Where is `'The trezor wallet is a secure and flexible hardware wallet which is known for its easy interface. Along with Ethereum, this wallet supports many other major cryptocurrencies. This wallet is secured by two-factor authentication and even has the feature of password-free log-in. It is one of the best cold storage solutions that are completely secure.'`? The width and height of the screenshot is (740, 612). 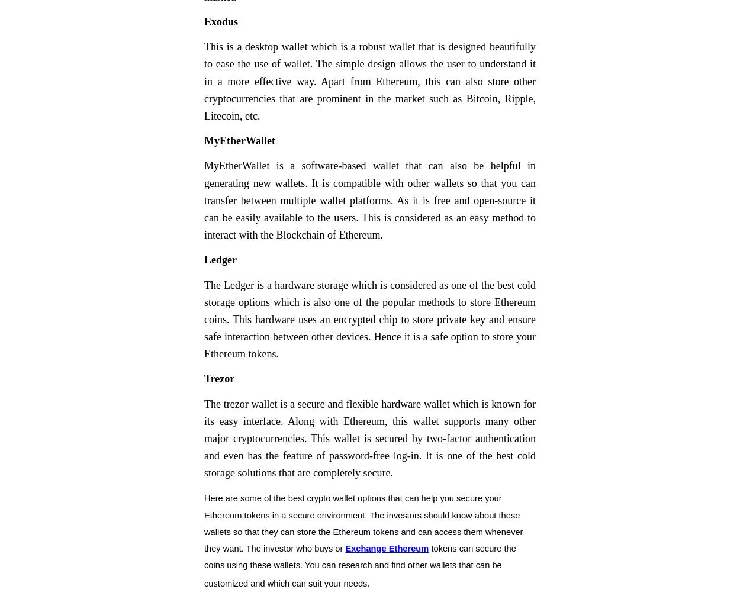 'The trezor wallet is a secure and flexible hardware wallet which is known for its easy interface. Along with Ethereum, this wallet supports many other major cryptocurrencies. This wallet is secured by two-factor authentication and even has the feature of password-free log-in. It is one of the best cold storage solutions that are completely secure.' is located at coordinates (370, 438).